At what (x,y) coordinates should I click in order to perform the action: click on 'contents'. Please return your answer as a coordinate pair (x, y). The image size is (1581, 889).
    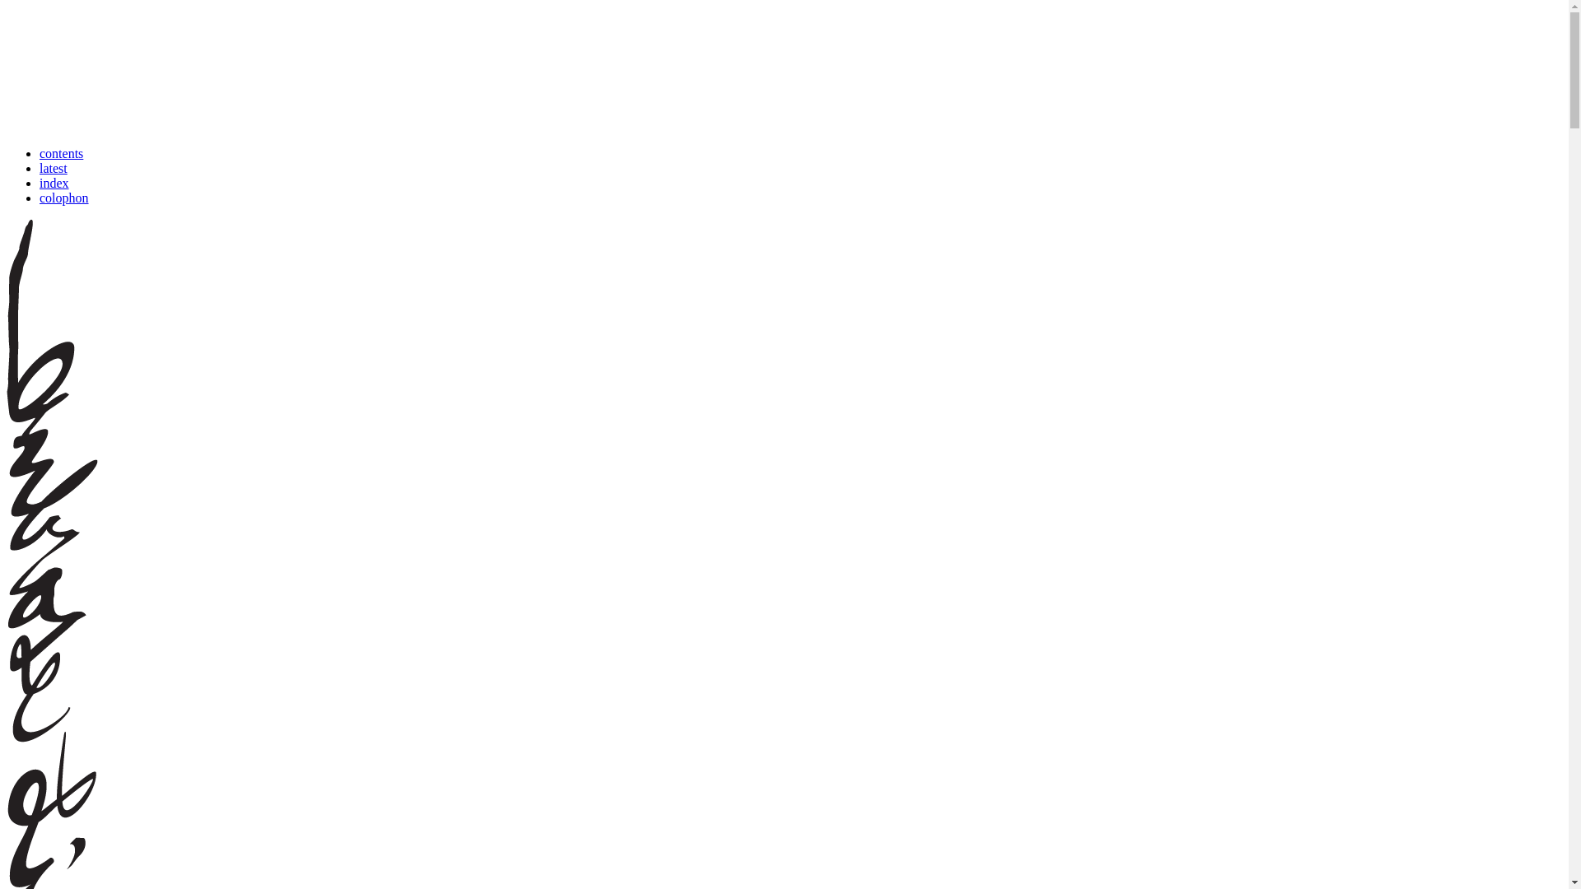
    Looking at the image, I should click on (61, 153).